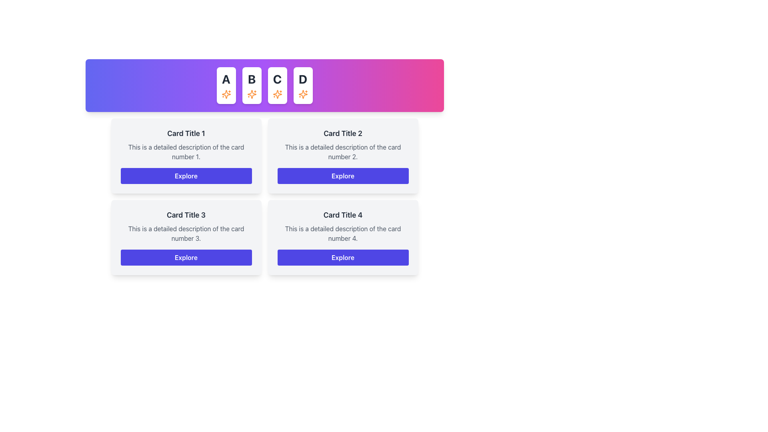 This screenshot has width=768, height=432. What do you see at coordinates (277, 94) in the screenshot?
I see `the orange star-shaped icon located centrally within the card labeled 'C', which is the second card from the left in a vertical stack` at bounding box center [277, 94].